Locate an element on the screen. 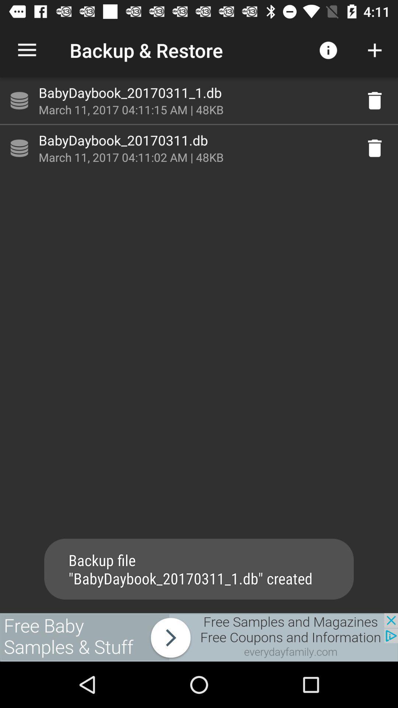 The height and width of the screenshot is (708, 398). open advertisement is located at coordinates (199, 637).